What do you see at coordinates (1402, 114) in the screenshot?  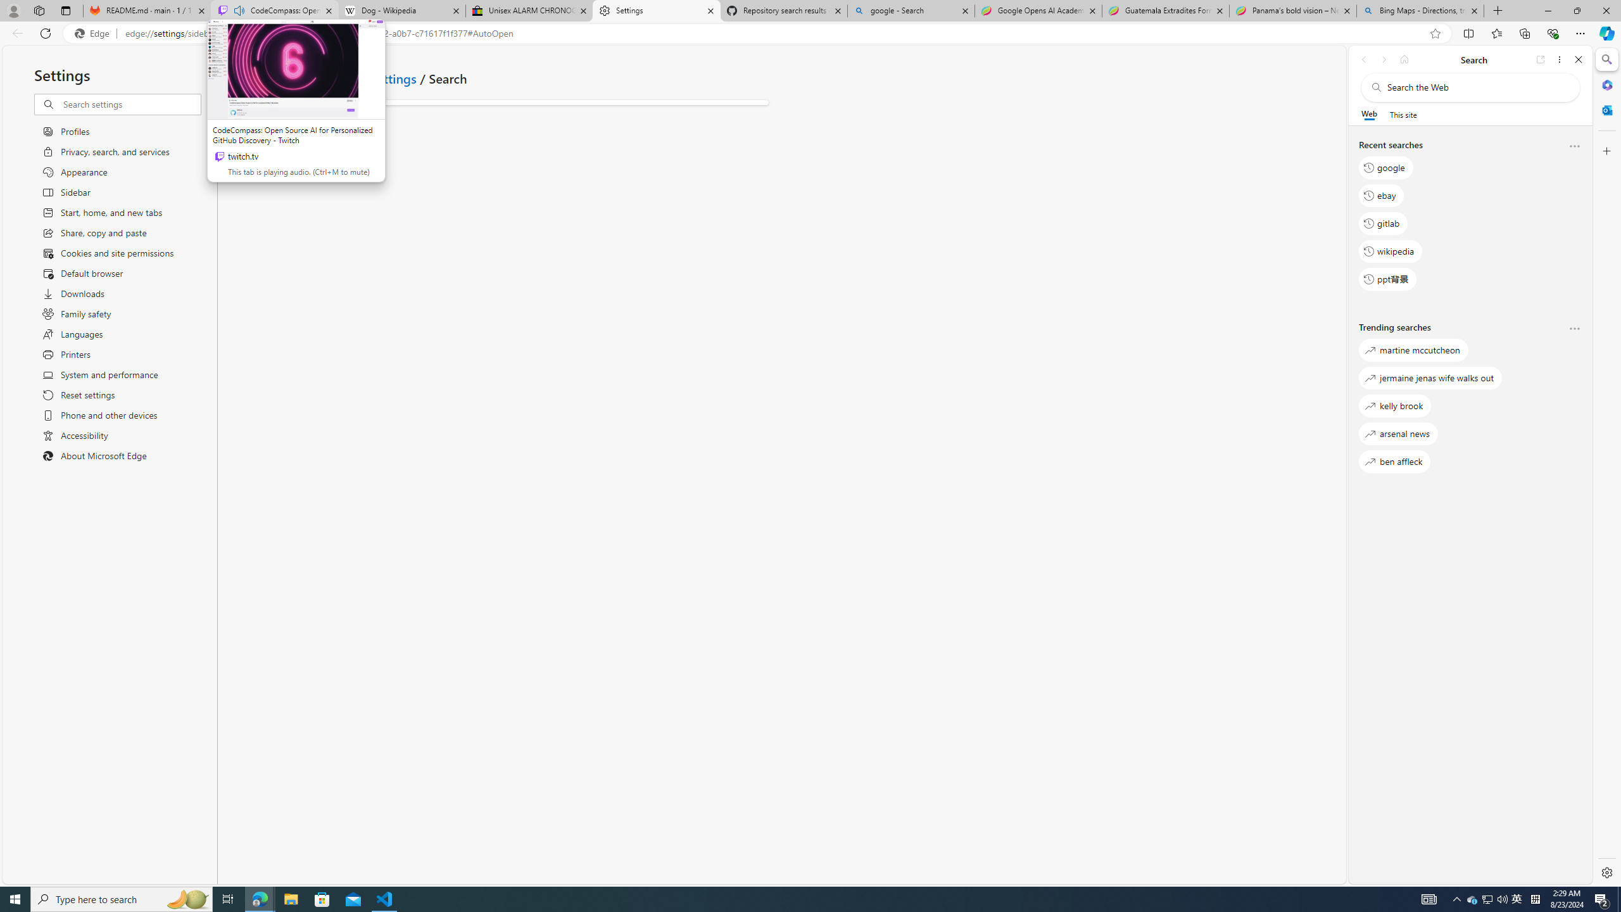 I see `'This site scope'` at bounding box center [1402, 114].